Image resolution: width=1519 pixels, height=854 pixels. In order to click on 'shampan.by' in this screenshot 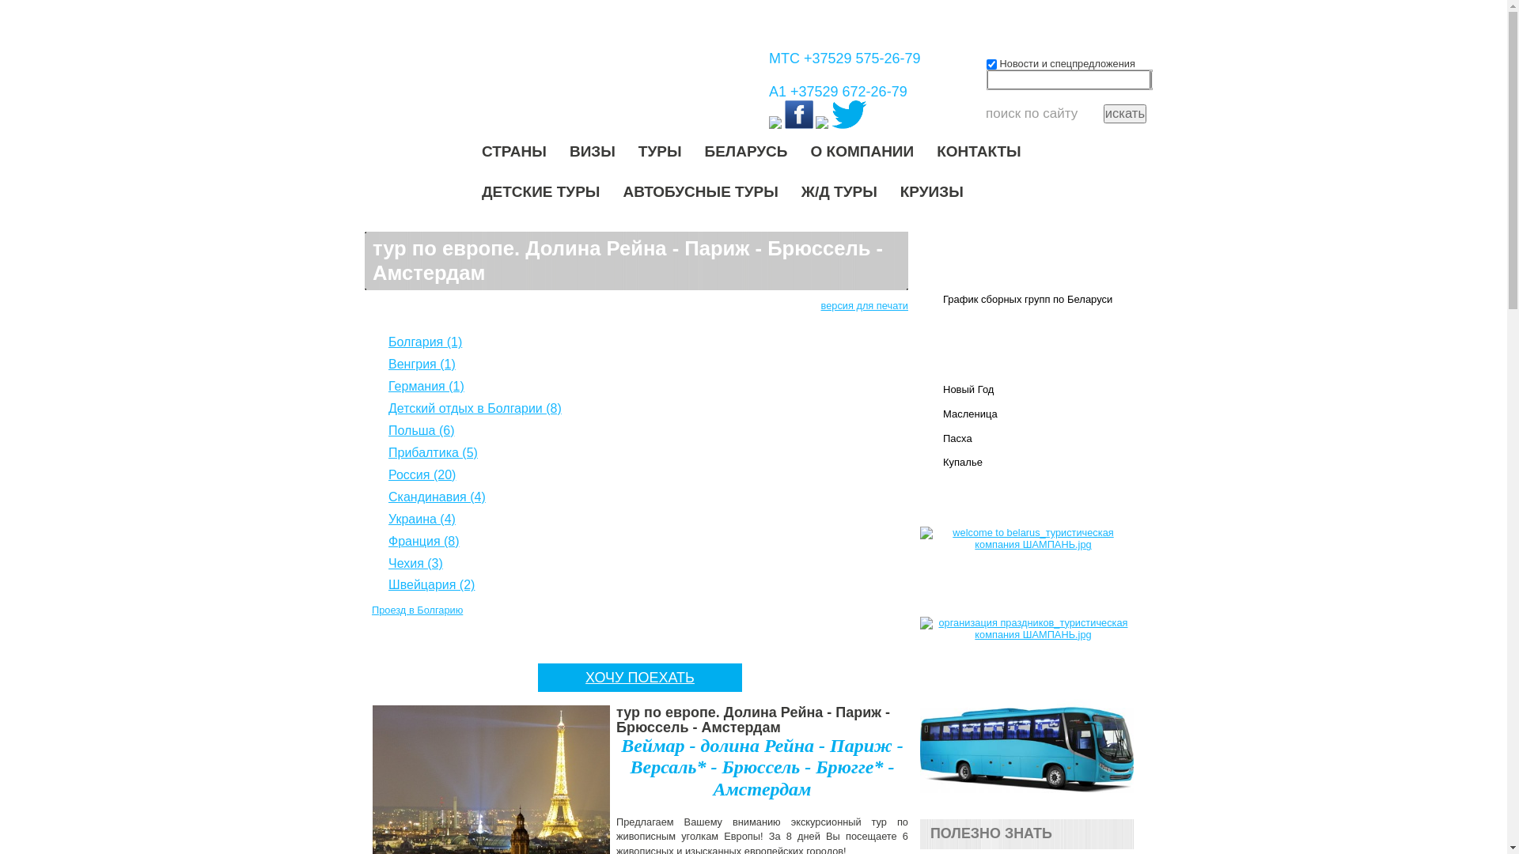, I will do `click(519, 81)`.